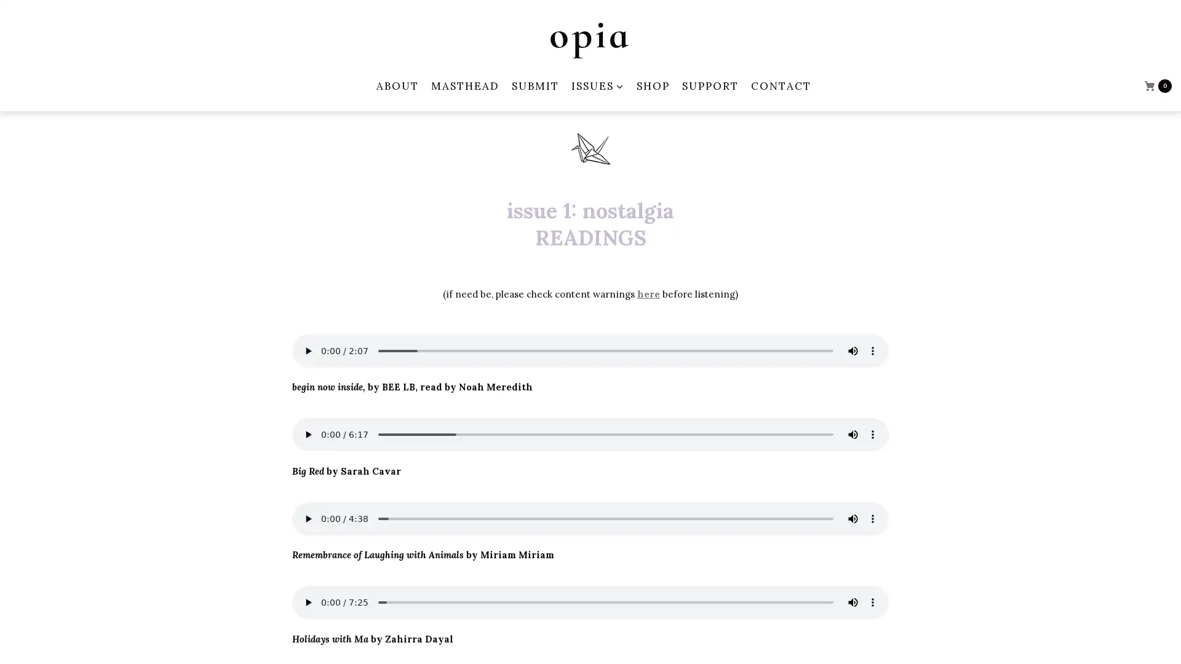 This screenshot has width=1181, height=664. What do you see at coordinates (853, 518) in the screenshot?
I see `mute` at bounding box center [853, 518].